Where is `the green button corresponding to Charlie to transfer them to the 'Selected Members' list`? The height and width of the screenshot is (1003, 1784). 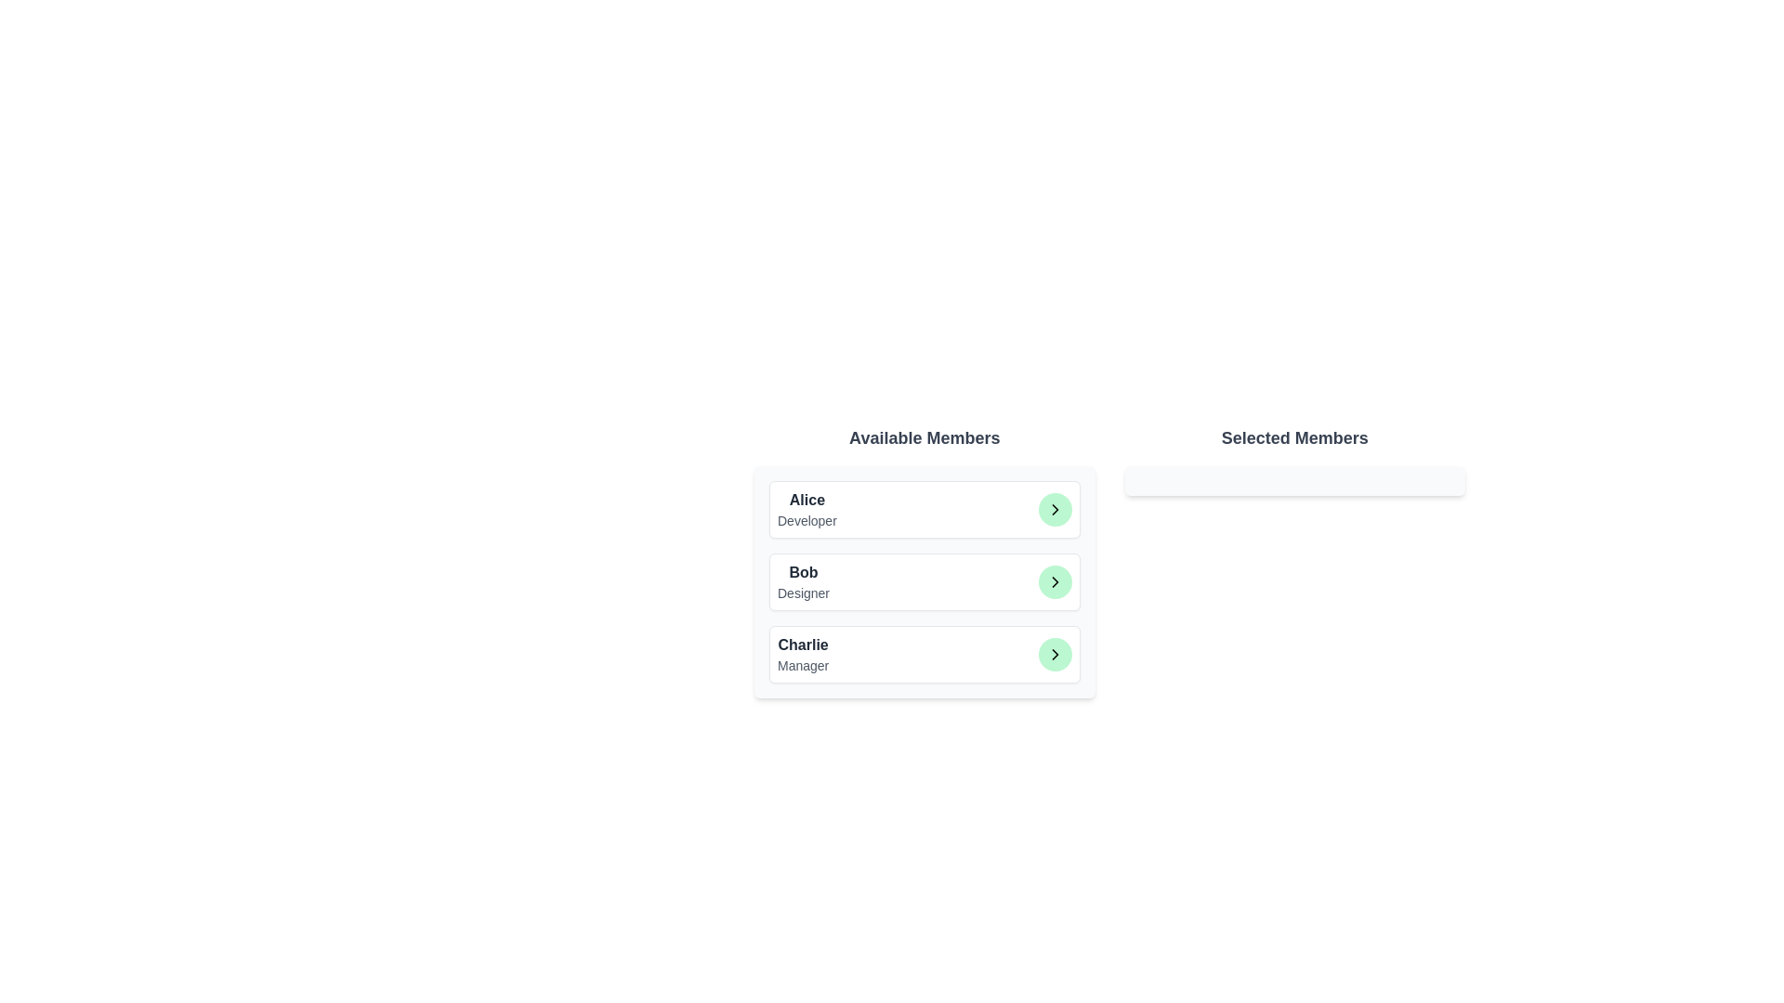
the green button corresponding to Charlie to transfer them to the 'Selected Members' list is located at coordinates (1055, 654).